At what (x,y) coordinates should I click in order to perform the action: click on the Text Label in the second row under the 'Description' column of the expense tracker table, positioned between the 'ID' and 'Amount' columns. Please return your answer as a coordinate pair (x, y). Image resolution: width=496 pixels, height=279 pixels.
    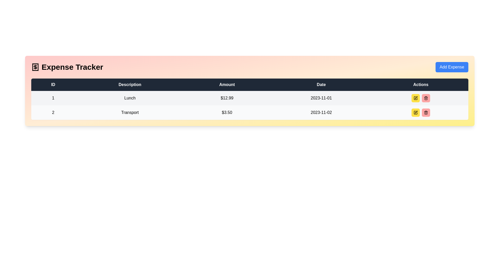
    Looking at the image, I should click on (130, 112).